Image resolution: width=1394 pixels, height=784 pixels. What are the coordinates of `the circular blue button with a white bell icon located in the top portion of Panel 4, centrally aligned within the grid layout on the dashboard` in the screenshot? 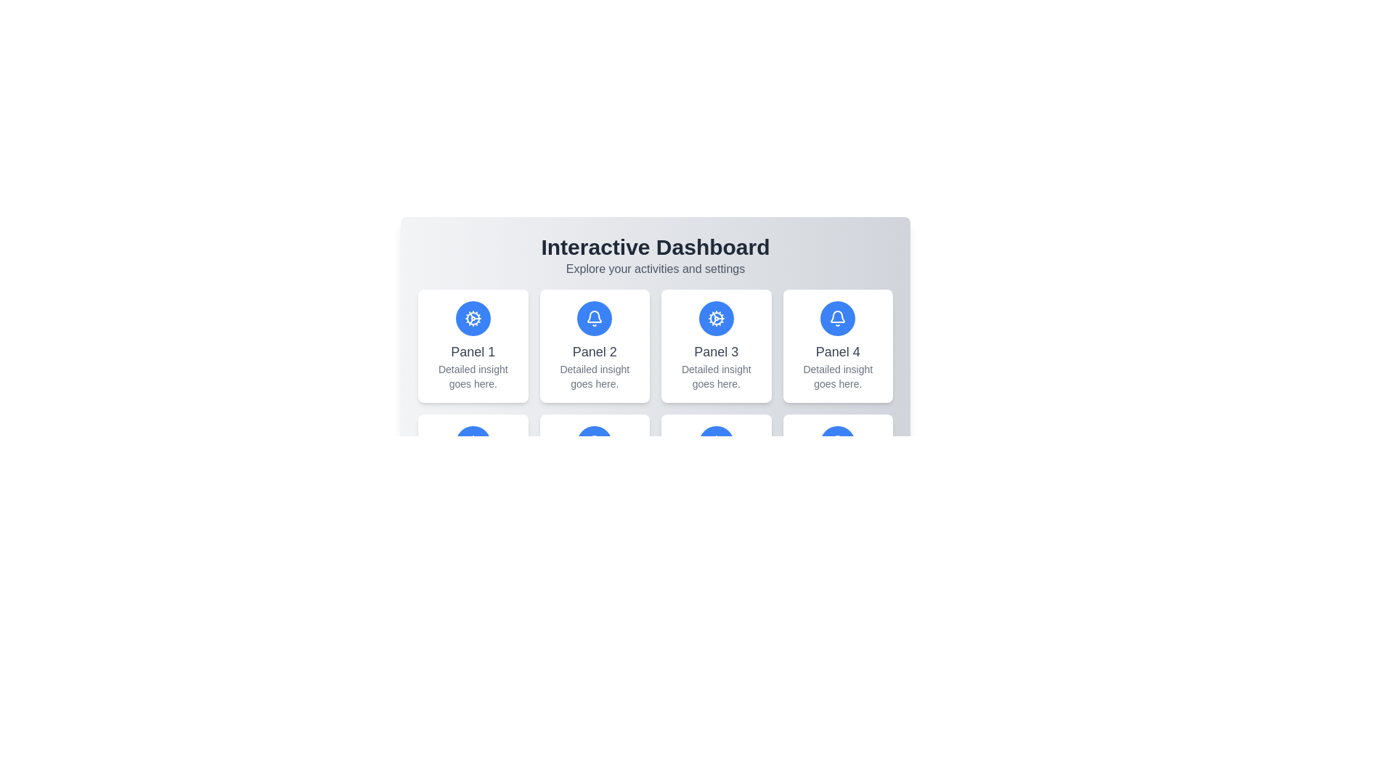 It's located at (838, 318).